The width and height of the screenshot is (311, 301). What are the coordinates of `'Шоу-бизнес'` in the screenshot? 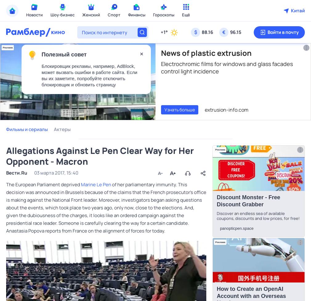 It's located at (62, 14).